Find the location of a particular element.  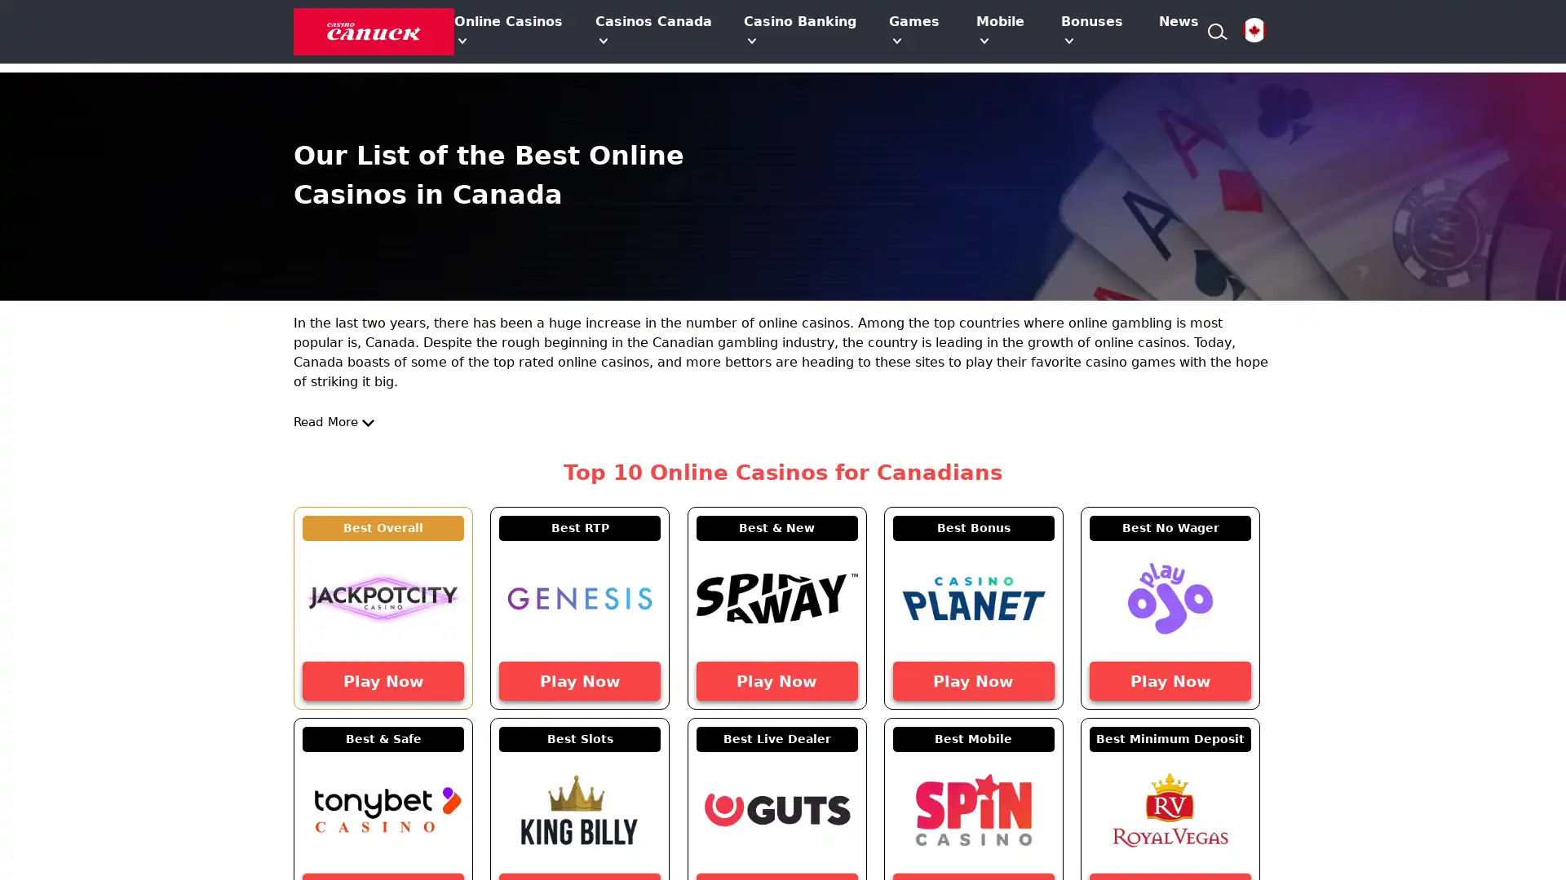

en_CA is located at coordinates (1253, 31).